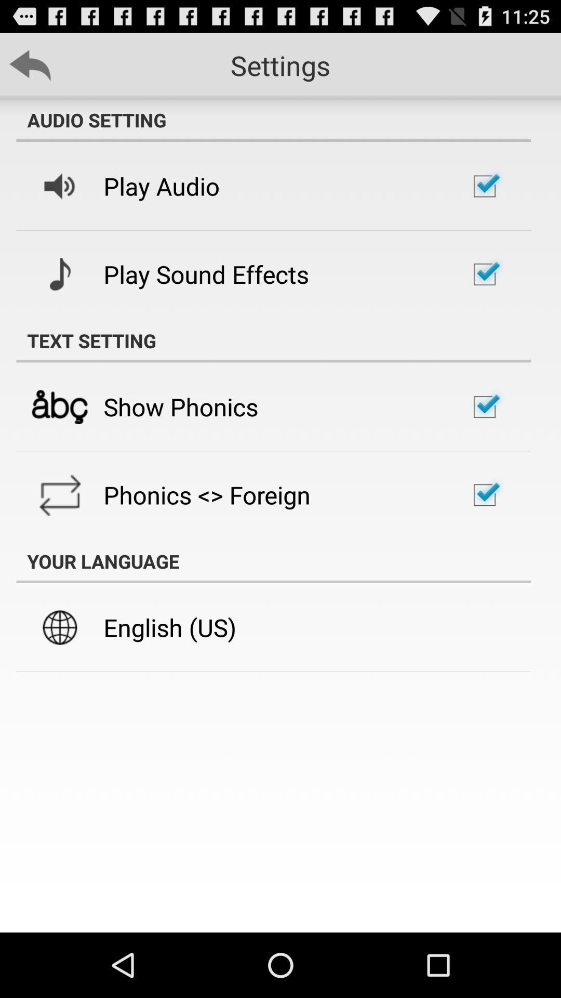 This screenshot has width=561, height=998. What do you see at coordinates (273, 340) in the screenshot?
I see `the text setting item` at bounding box center [273, 340].